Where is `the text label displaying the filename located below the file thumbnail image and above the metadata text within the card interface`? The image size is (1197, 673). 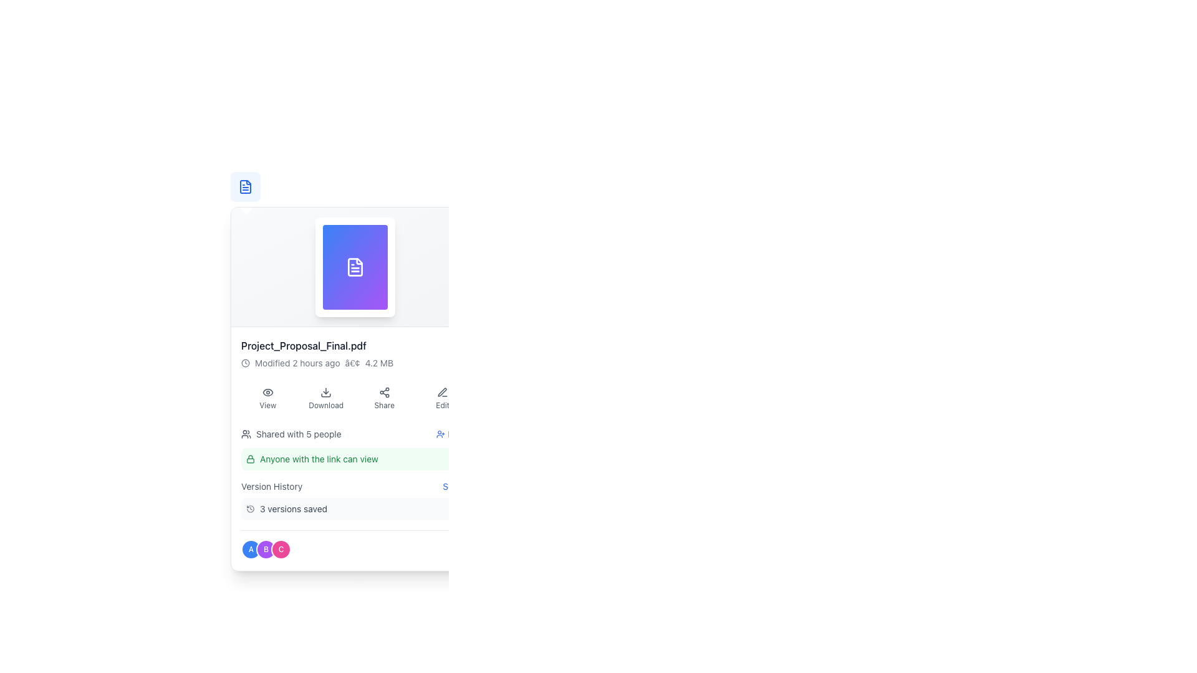
the text label displaying the filename located below the file thumbnail image and above the metadata text within the card interface is located at coordinates (355, 346).